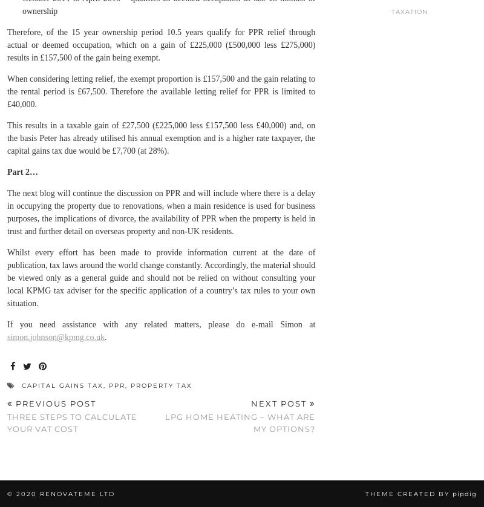 This screenshot has width=484, height=507. I want to click on 'Previous Post', so click(54, 402).